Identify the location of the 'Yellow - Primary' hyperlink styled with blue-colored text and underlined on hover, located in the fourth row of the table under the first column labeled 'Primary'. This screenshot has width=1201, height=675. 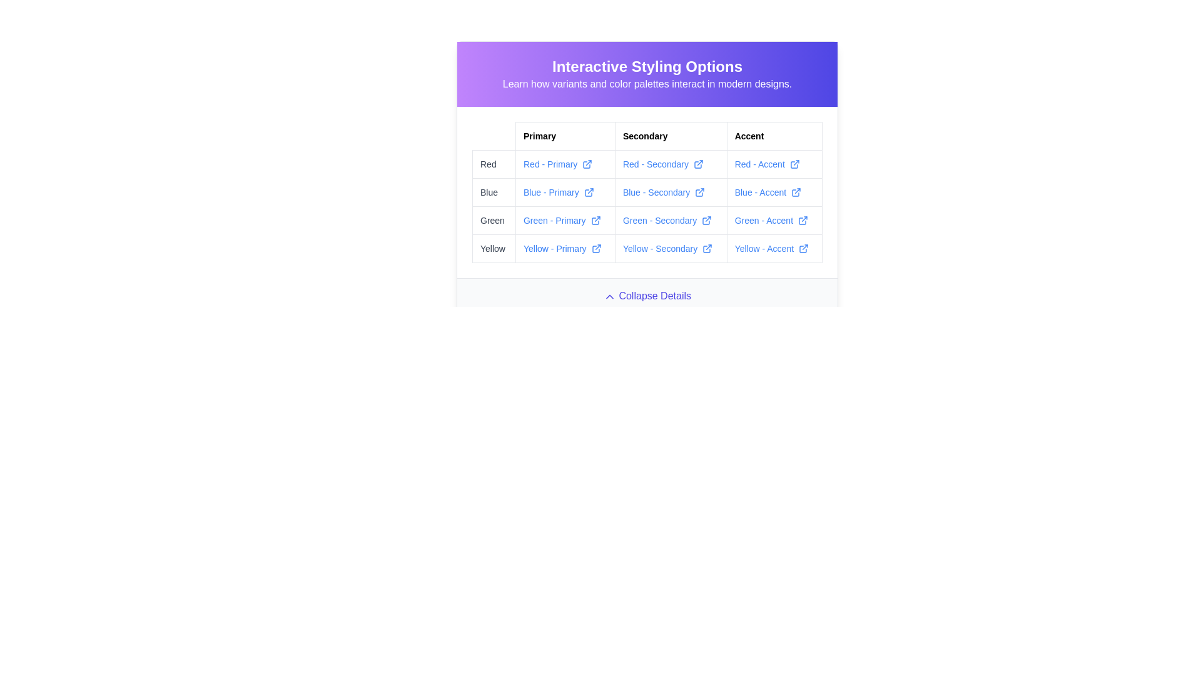
(562, 248).